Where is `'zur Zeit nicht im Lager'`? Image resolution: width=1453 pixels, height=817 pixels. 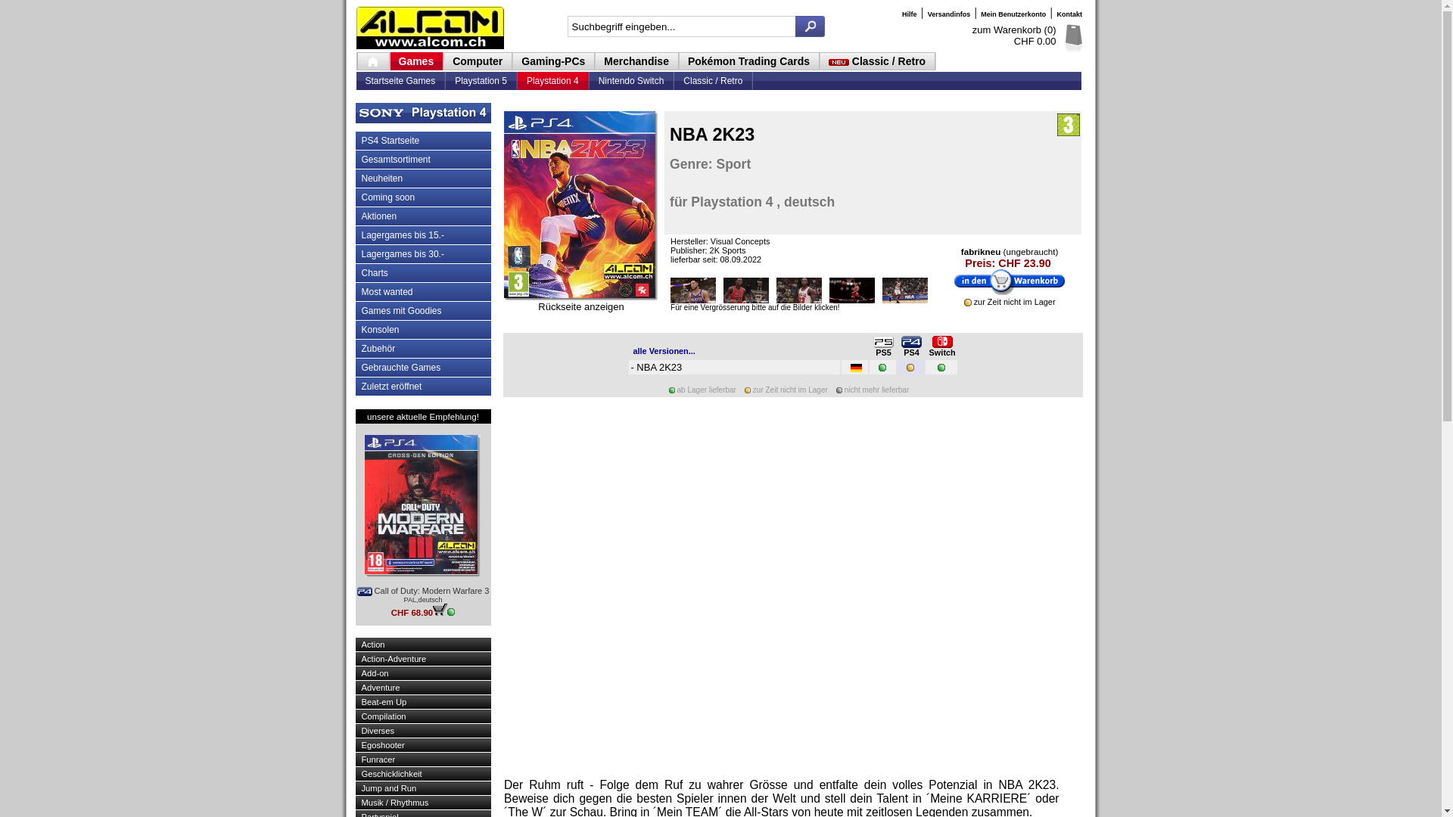 'zur Zeit nicht im Lager' is located at coordinates (966, 303).